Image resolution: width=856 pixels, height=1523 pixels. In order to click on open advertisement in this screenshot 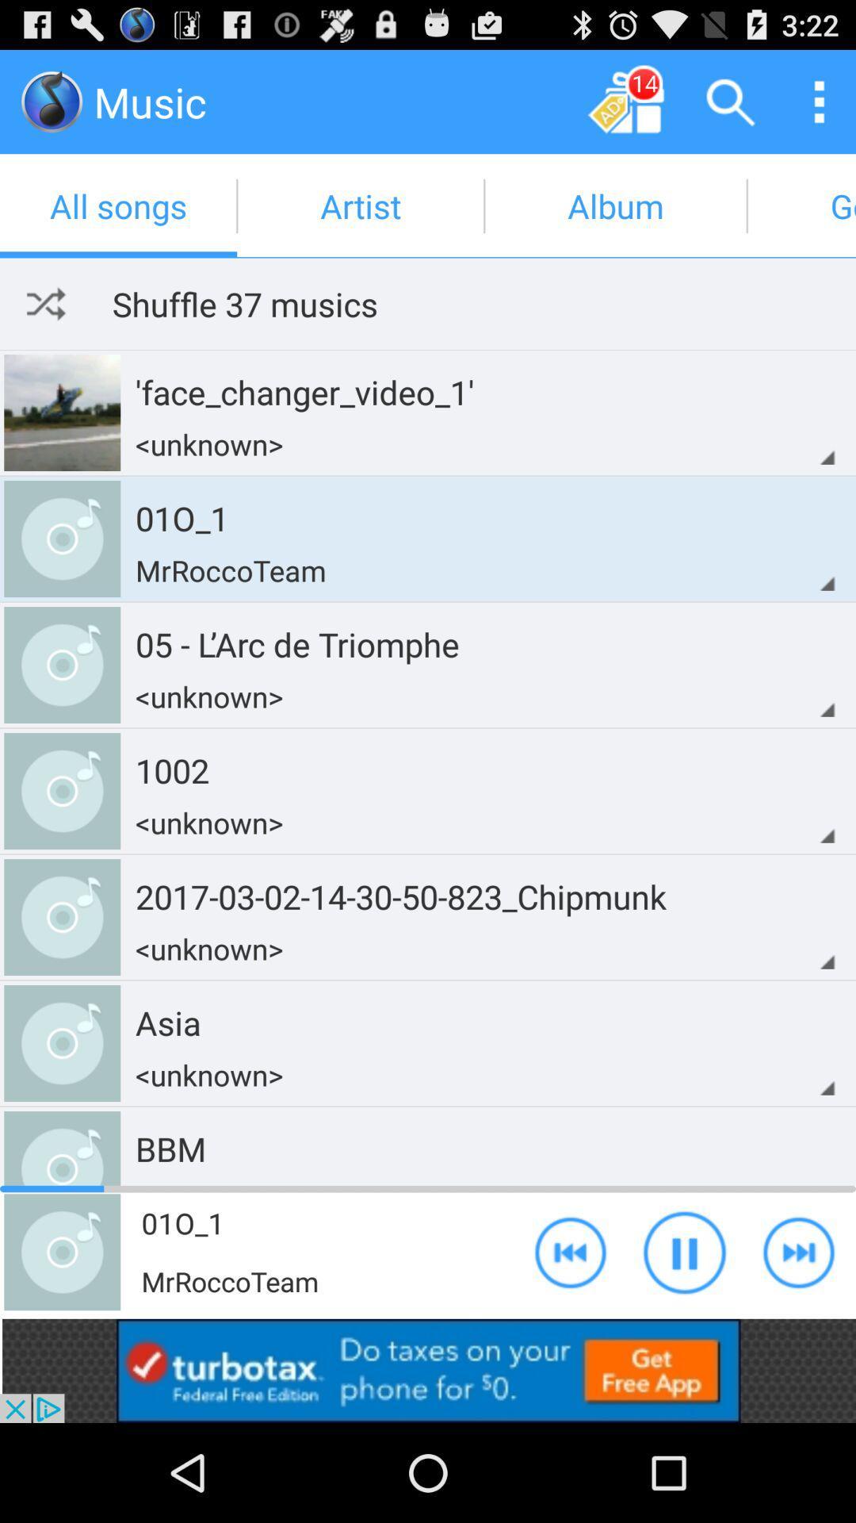, I will do `click(428, 1370)`.